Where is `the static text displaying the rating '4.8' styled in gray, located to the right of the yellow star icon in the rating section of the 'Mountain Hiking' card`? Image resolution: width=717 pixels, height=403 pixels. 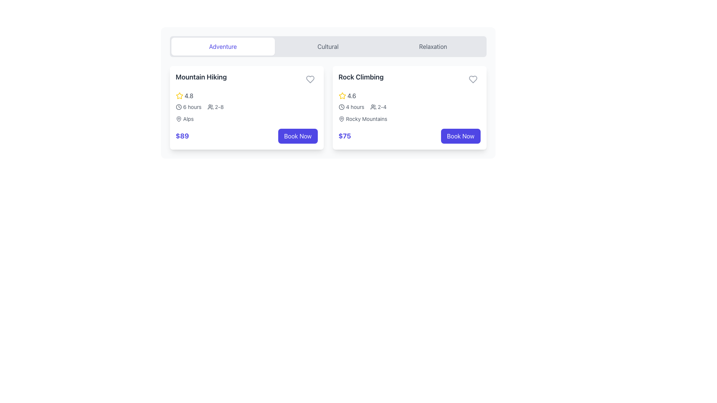
the static text displaying the rating '4.8' styled in gray, located to the right of the yellow star icon in the rating section of the 'Mountain Hiking' card is located at coordinates (189, 96).